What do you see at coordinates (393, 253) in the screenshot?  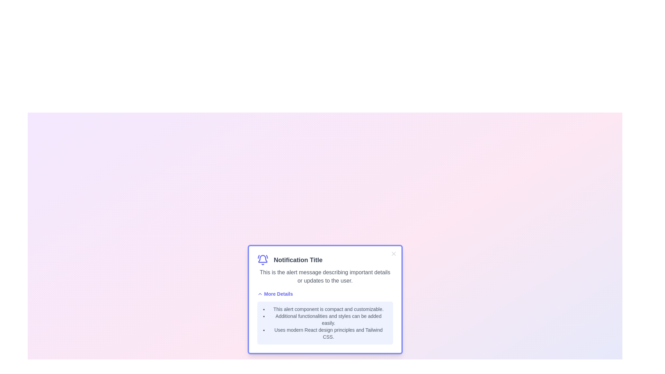 I see `the close button of the alert` at bounding box center [393, 253].